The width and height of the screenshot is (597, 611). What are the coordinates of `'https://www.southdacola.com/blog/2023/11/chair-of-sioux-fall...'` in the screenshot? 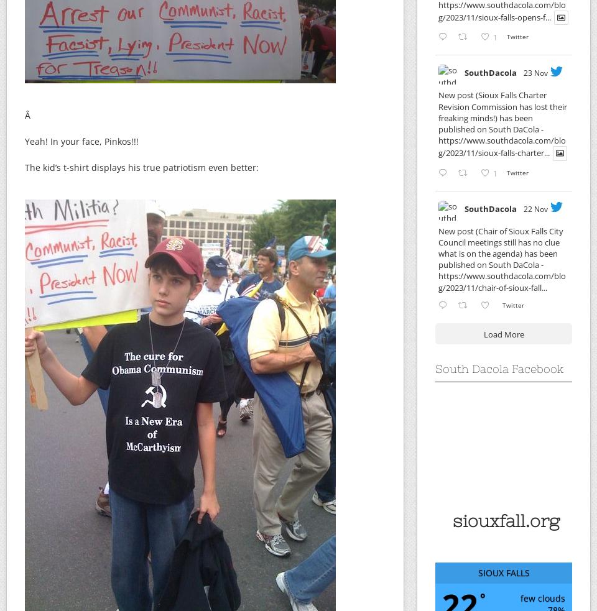 It's located at (438, 280).